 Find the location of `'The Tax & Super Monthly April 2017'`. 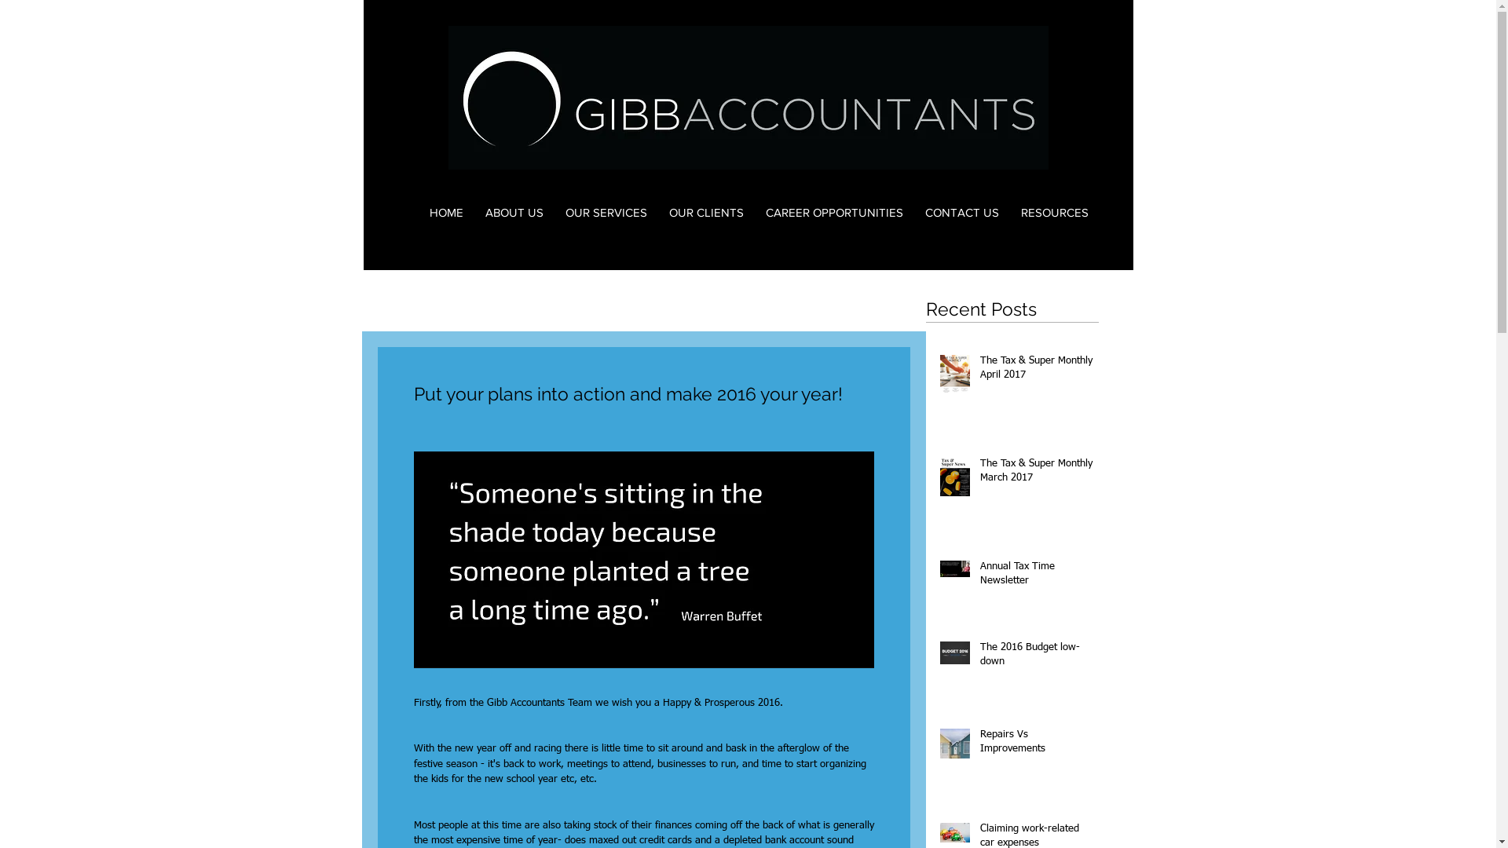

'The Tax & Super Monthly April 2017' is located at coordinates (1037, 371).